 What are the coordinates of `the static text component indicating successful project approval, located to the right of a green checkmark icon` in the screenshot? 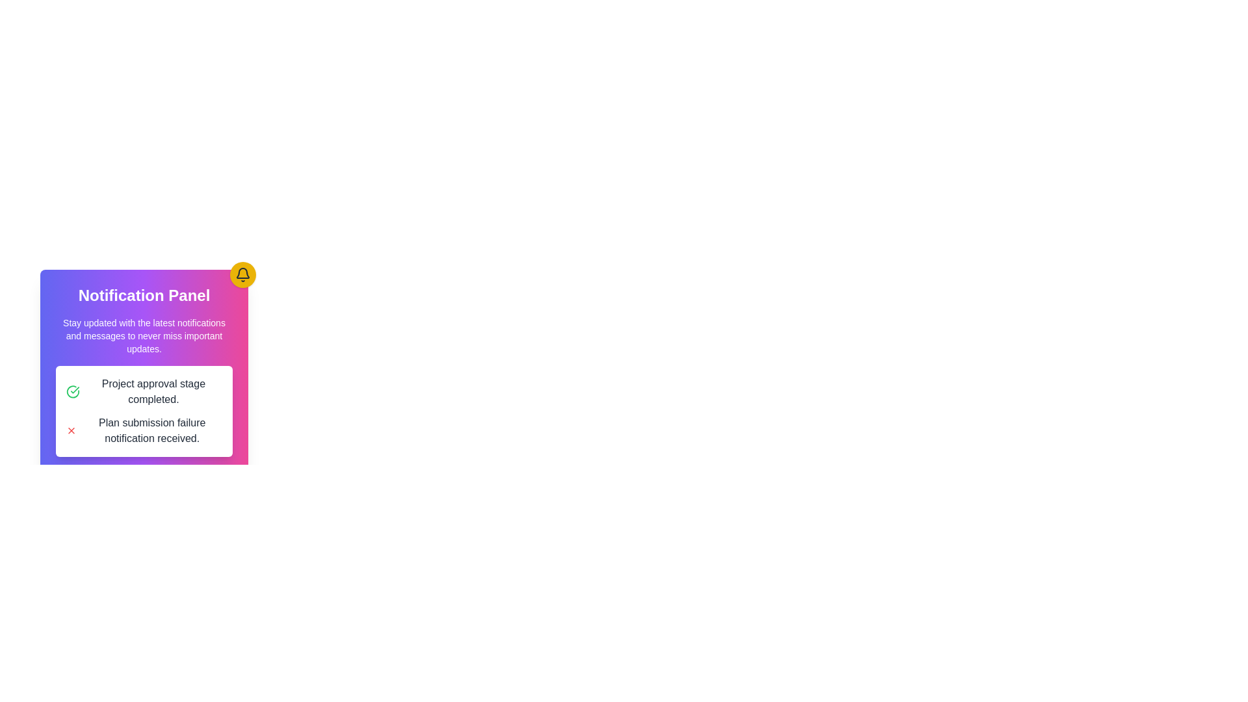 It's located at (153, 391).